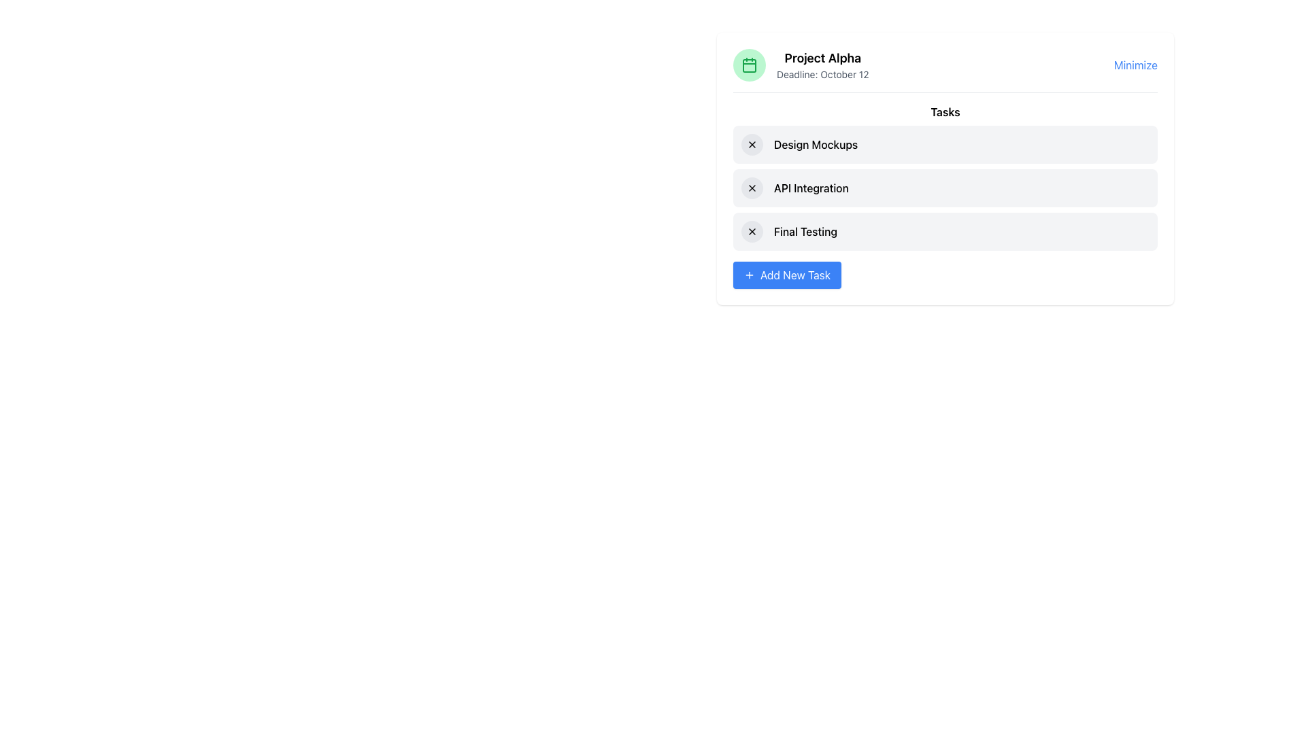  Describe the element at coordinates (822, 57) in the screenshot. I see `the text label displaying 'Project Alpha' which is positioned at the top of the project overview card and has a bold font style` at that location.